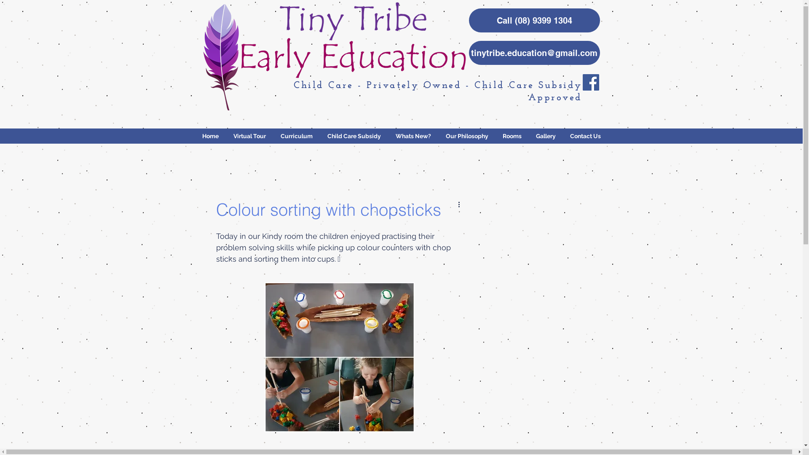  What do you see at coordinates (296, 136) in the screenshot?
I see `'Curriculum'` at bounding box center [296, 136].